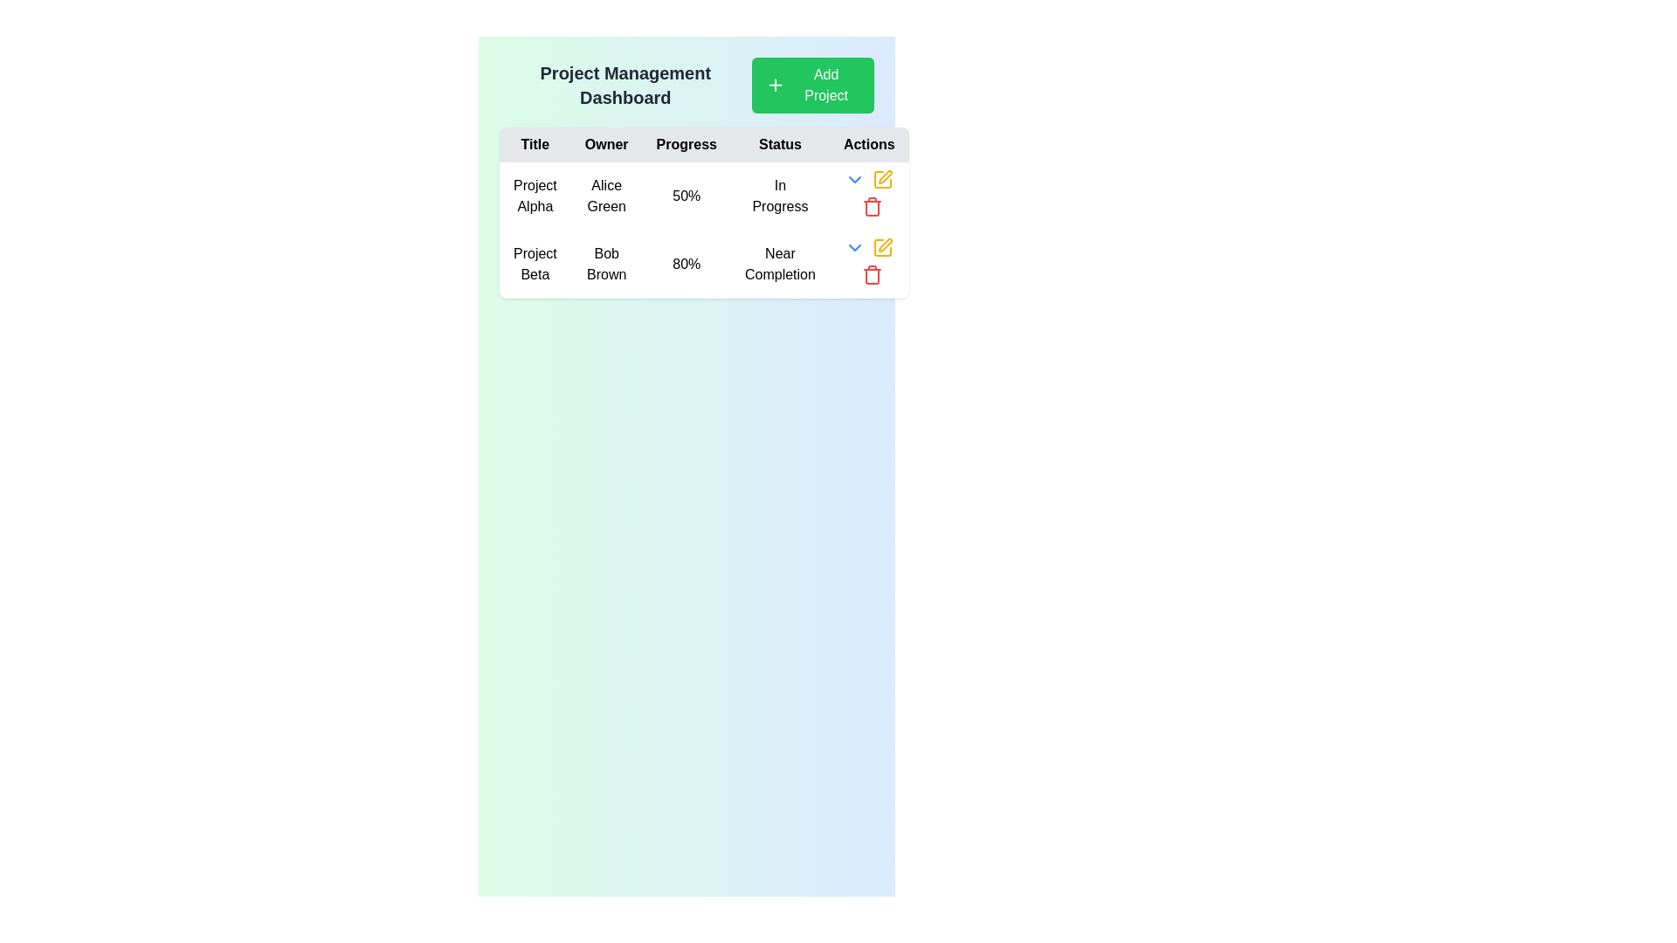 This screenshot has width=1677, height=943. Describe the element at coordinates (534, 196) in the screenshot. I see `the table cell displaying the text 'Project Alpha', located in the first cell of the 'Title' column` at that location.